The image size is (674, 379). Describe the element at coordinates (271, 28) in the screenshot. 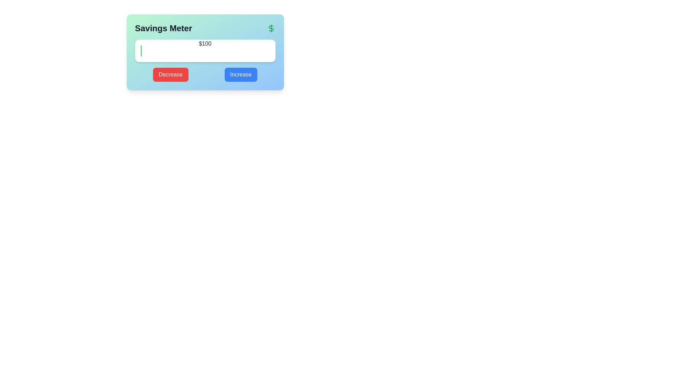

I see `the prominent green dollar sign icon located in the top right corner of the 'Savings Meter' box` at that location.